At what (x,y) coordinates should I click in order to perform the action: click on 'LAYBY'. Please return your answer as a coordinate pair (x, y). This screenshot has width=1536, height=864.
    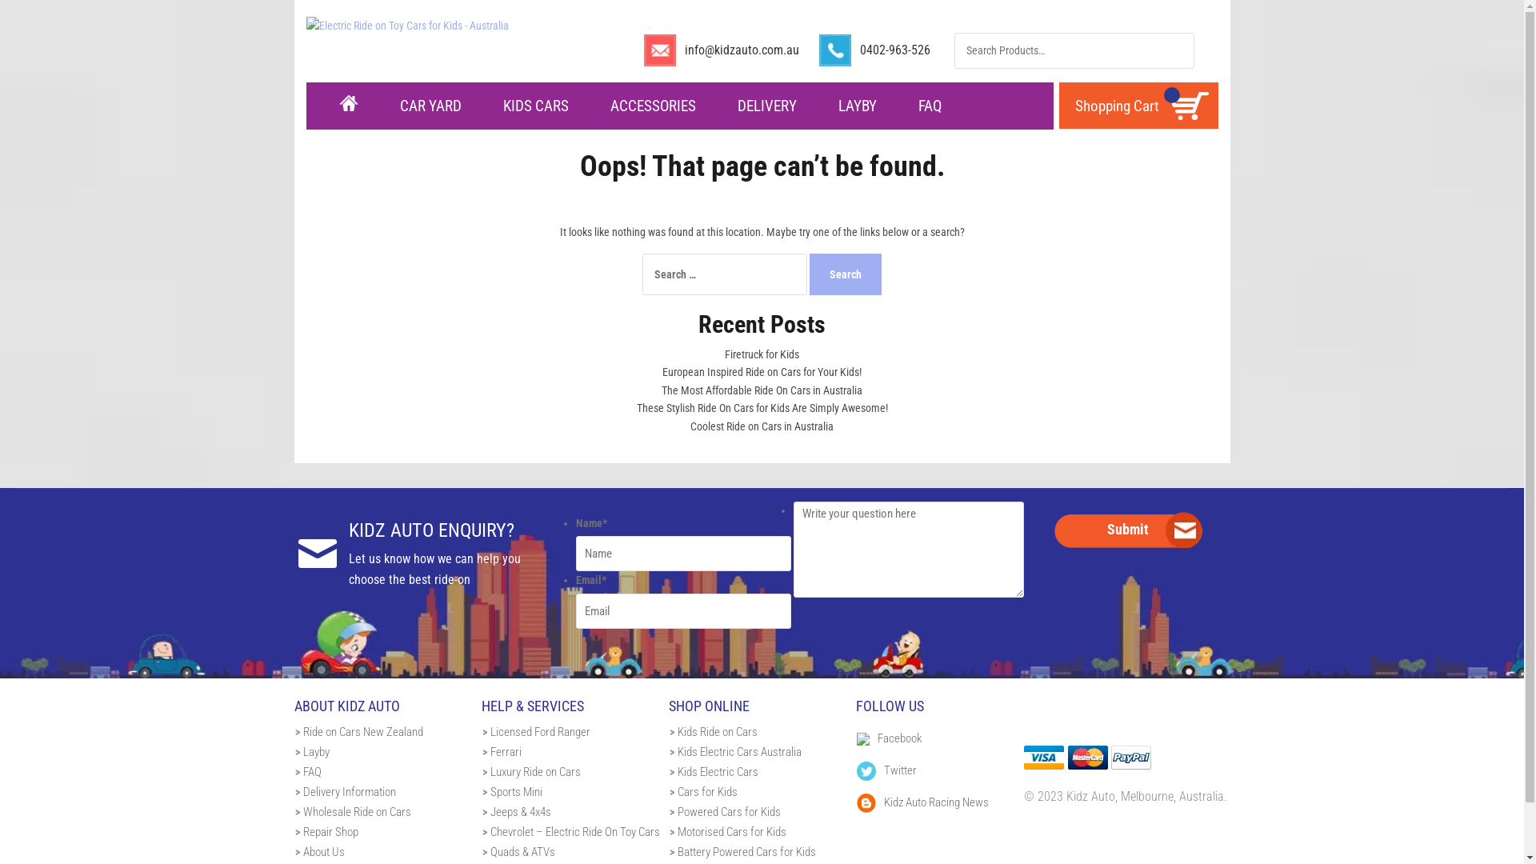
    Looking at the image, I should click on (856, 106).